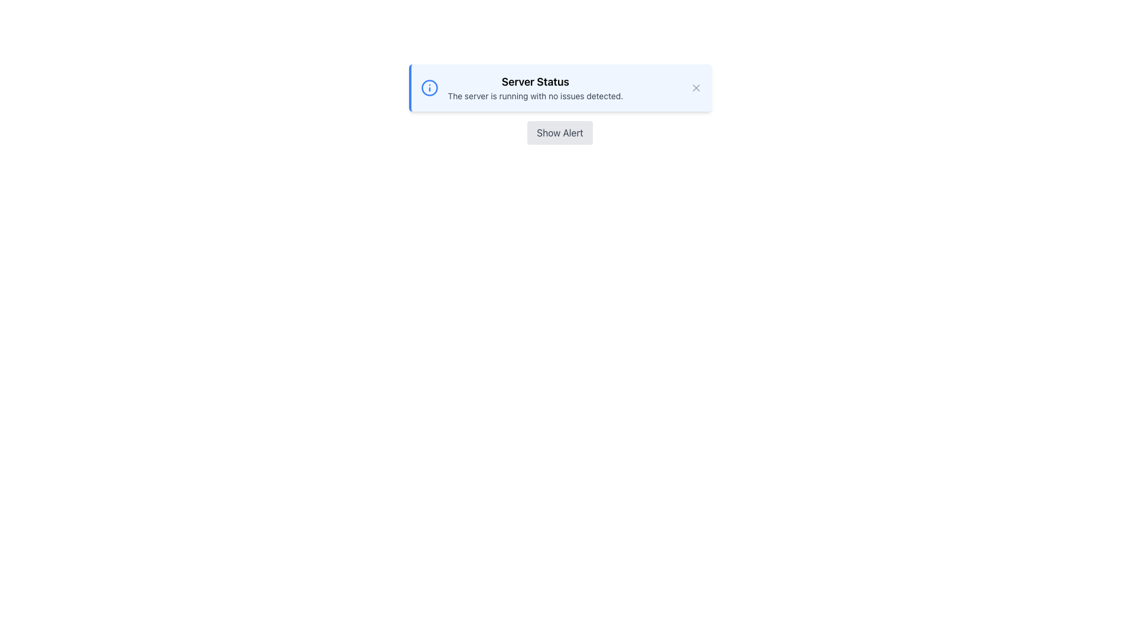 This screenshot has width=1135, height=638. Describe the element at coordinates (559, 132) in the screenshot. I see `the 'Show Alert' button, which is a rectangular button with rounded corners, light gray background, and darker gray text, located centrally underneath the 'Server Status' box` at that location.